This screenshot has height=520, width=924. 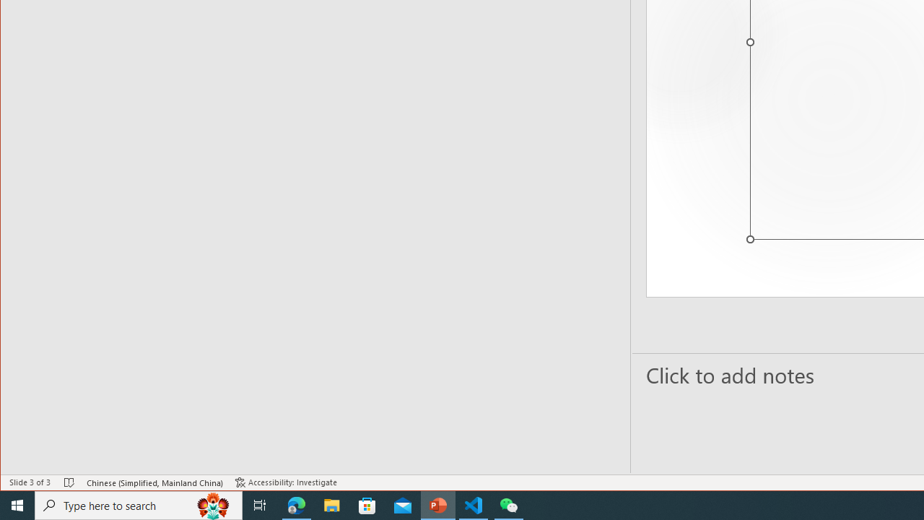 I want to click on 'Microsoft Edge - 1 running window', so click(x=296, y=504).